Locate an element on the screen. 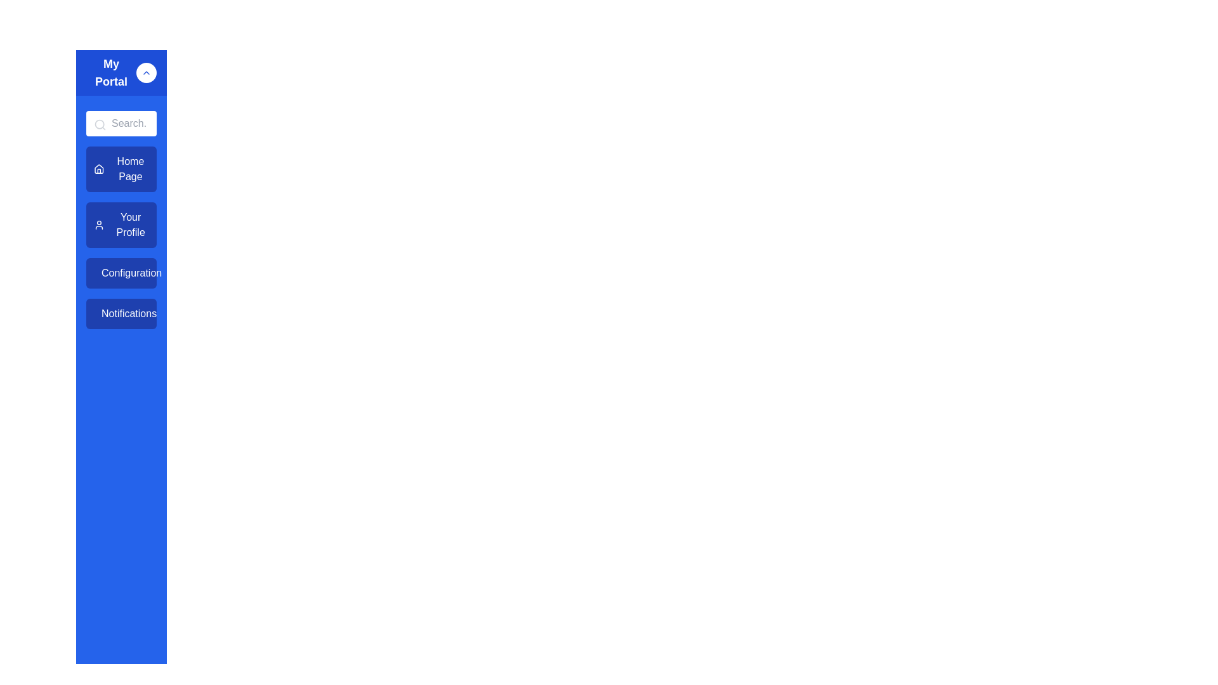 The width and height of the screenshot is (1218, 685). the upward-pointing chevron icon on the right side of the 'My Portal' header is located at coordinates (121, 73).